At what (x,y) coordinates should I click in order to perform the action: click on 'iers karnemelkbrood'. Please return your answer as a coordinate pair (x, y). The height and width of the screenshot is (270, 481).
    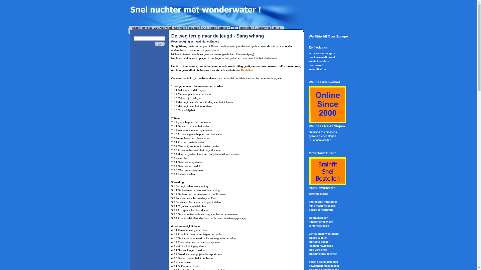
    Looking at the image, I should click on (322, 57).